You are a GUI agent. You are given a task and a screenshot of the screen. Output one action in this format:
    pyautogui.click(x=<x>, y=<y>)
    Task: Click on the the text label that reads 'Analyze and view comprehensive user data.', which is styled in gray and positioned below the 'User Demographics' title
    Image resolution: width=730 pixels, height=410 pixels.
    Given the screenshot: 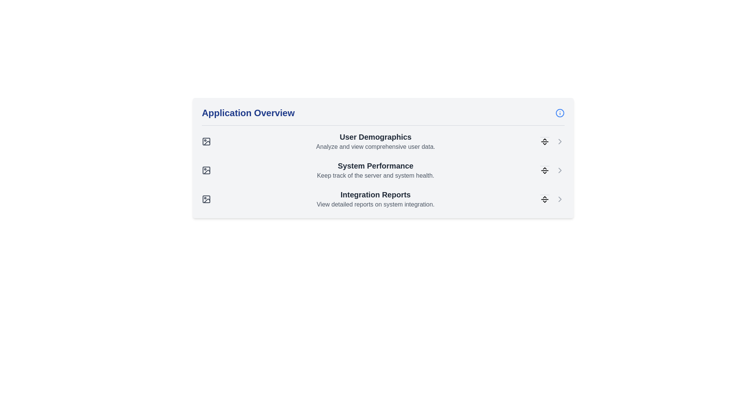 What is the action you would take?
    pyautogui.click(x=376, y=147)
    